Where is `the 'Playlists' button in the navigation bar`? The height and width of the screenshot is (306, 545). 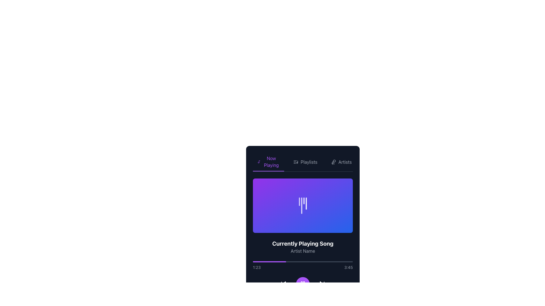
the 'Playlists' button in the navigation bar is located at coordinates (305, 162).